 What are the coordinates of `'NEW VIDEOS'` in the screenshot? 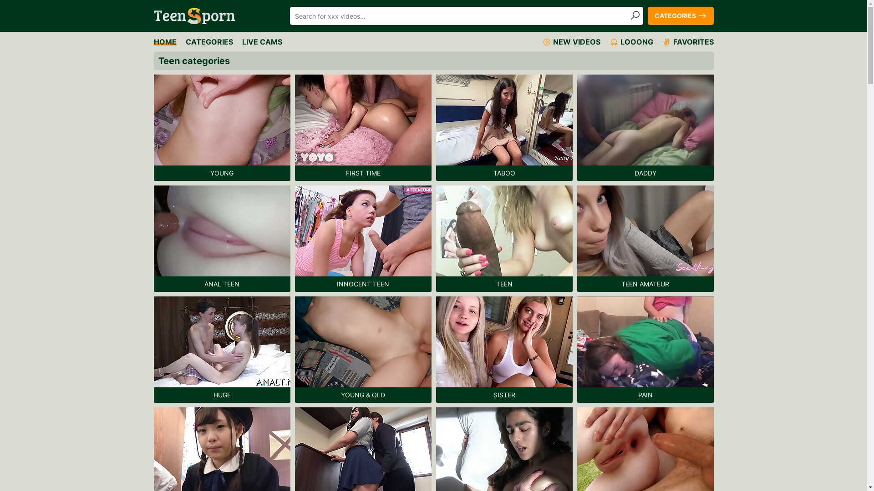 It's located at (570, 42).